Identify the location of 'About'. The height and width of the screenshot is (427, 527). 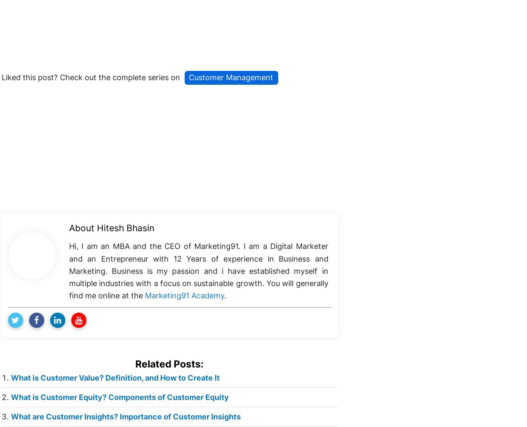
(82, 227).